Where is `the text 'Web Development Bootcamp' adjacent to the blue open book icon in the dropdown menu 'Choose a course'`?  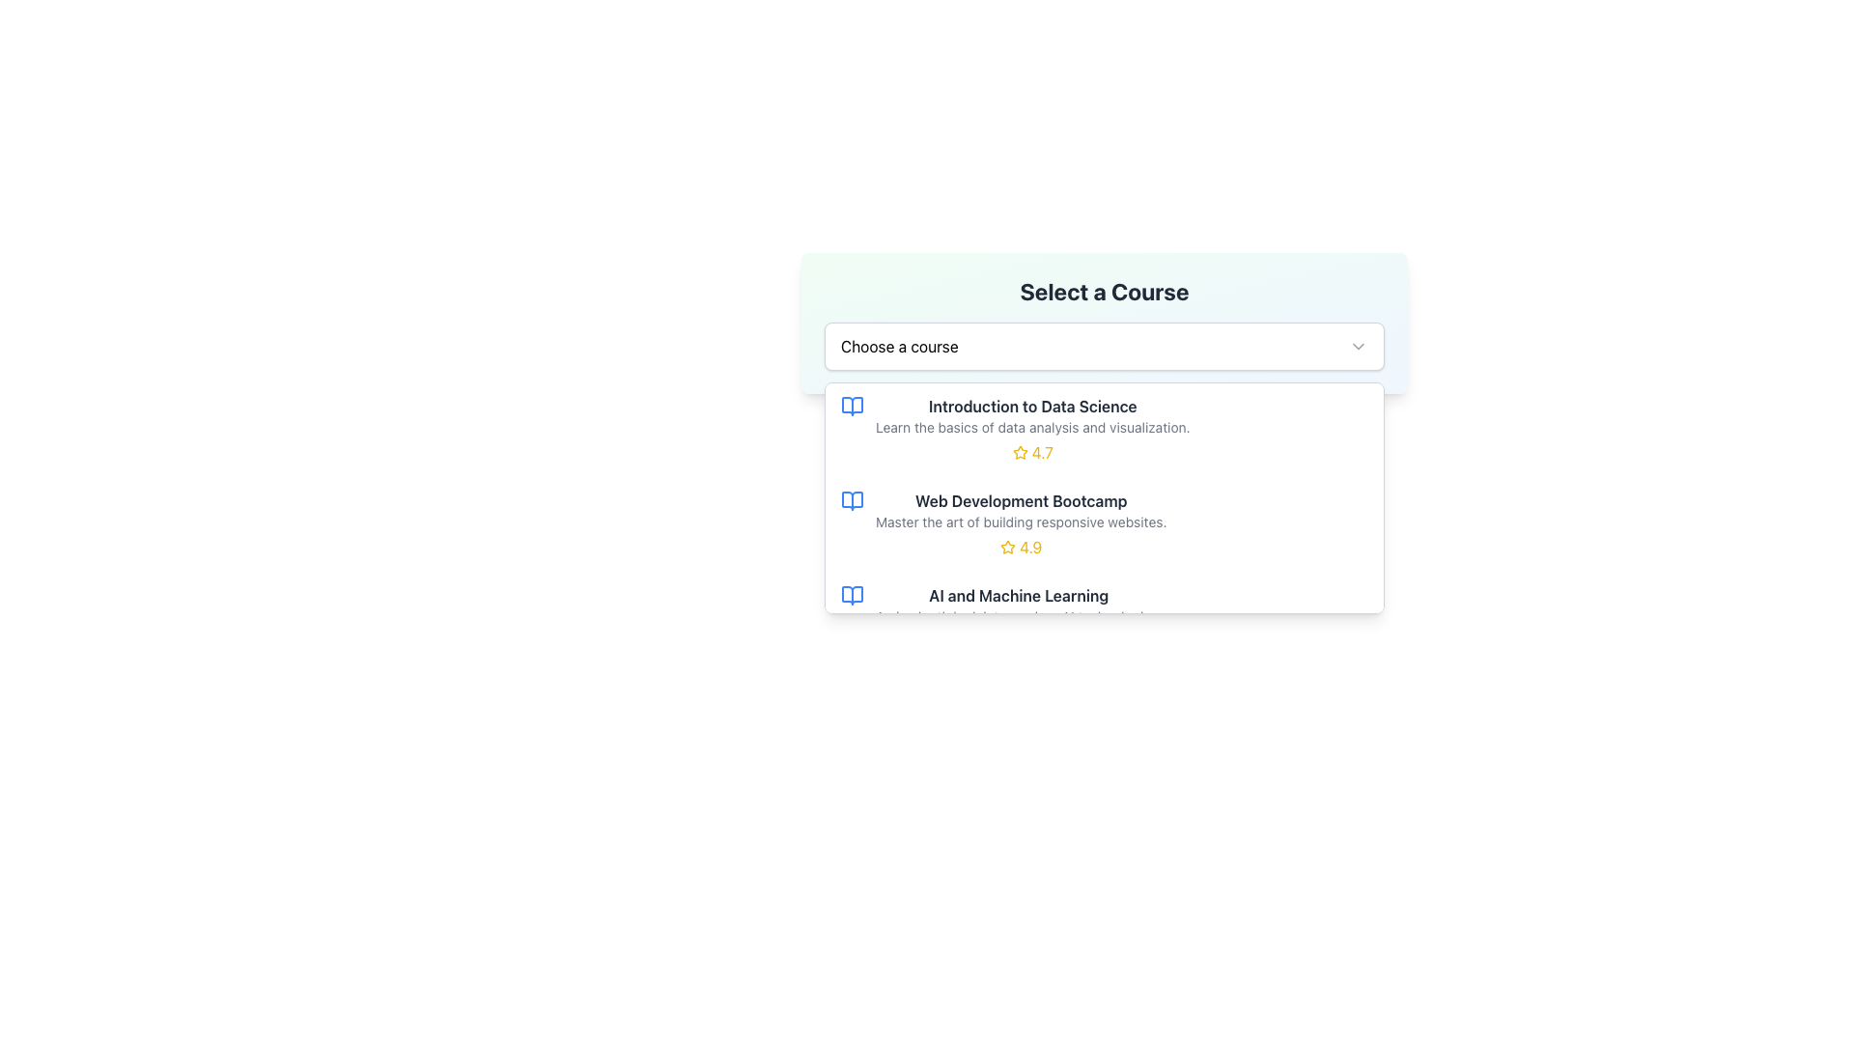 the text 'Web Development Bootcamp' adjacent to the blue open book icon in the dropdown menu 'Choose a course' is located at coordinates (852, 500).